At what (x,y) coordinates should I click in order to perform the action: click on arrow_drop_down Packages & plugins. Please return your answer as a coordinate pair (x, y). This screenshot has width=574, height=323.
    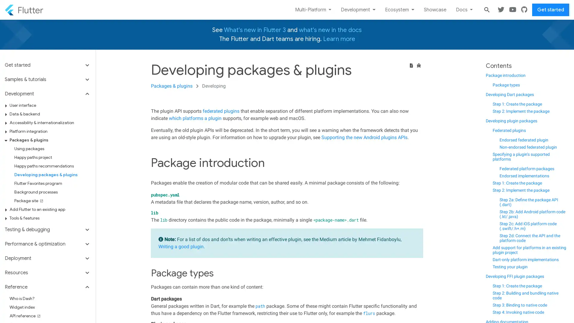
    Looking at the image, I should click on (50, 140).